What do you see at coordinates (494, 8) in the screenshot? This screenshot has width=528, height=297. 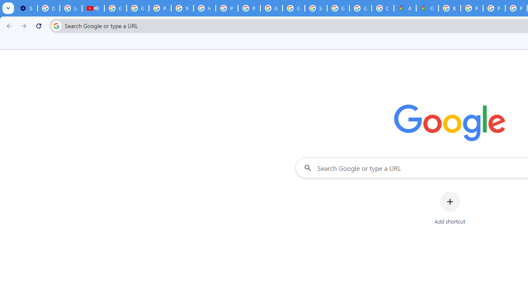 I see `'Privacy Help Center - Policies Help'` at bounding box center [494, 8].